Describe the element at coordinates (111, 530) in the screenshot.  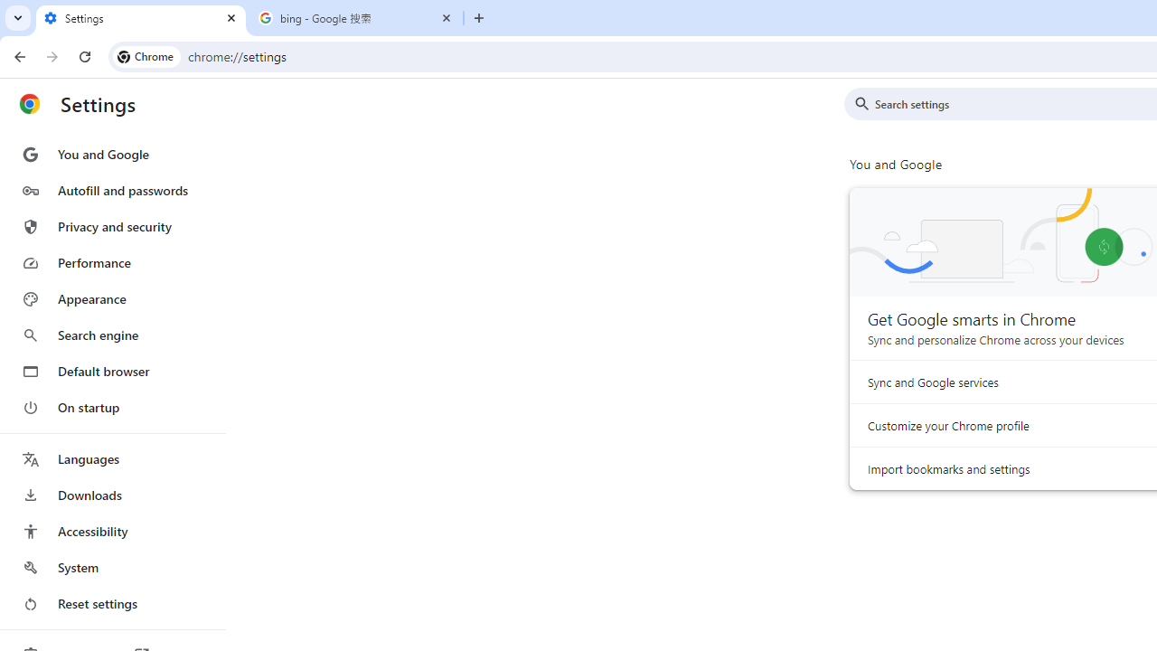
I see `'Accessibility'` at that location.